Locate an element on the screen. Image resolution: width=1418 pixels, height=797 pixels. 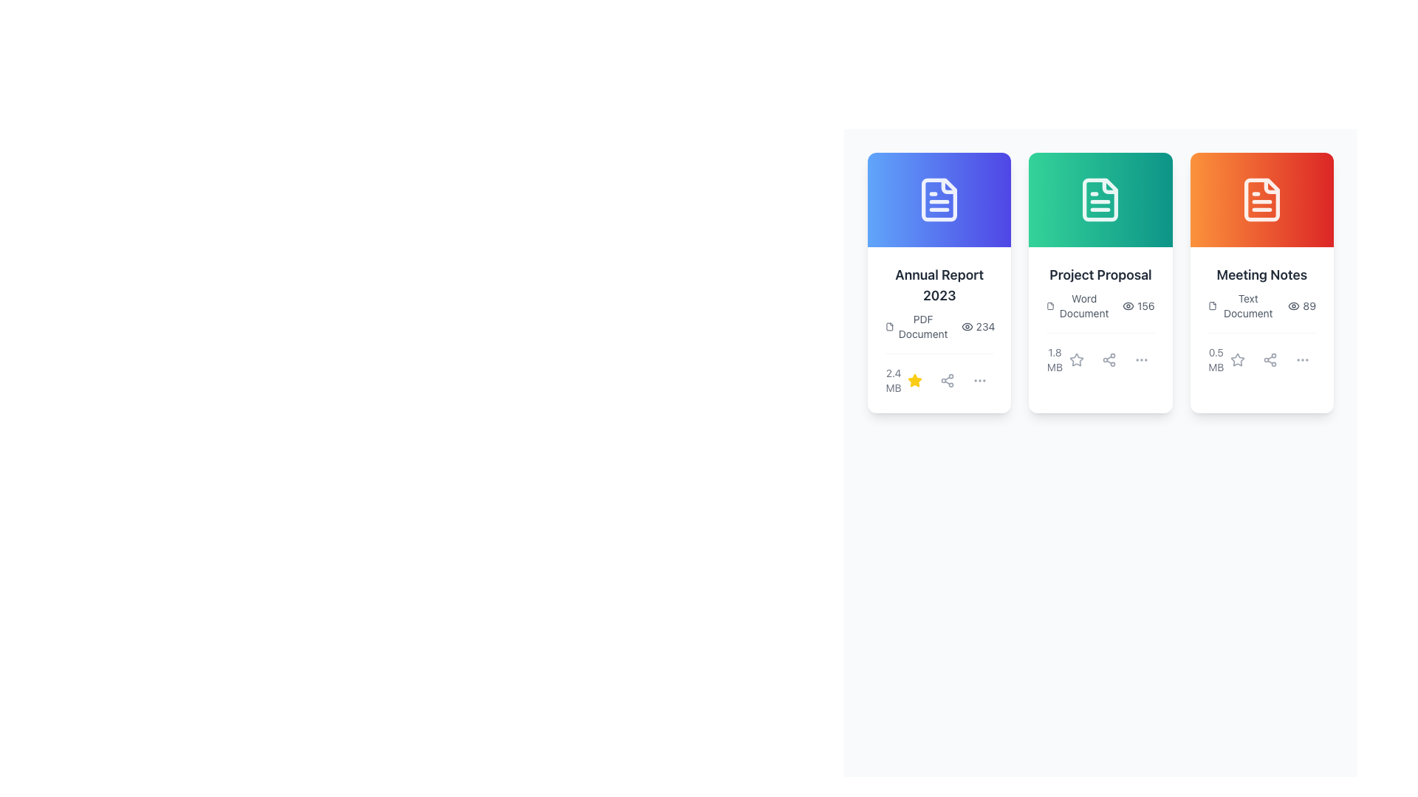
the five-pointed star icon with a gray fill located in the 'Project Proposal' document tile is located at coordinates (1076, 360).